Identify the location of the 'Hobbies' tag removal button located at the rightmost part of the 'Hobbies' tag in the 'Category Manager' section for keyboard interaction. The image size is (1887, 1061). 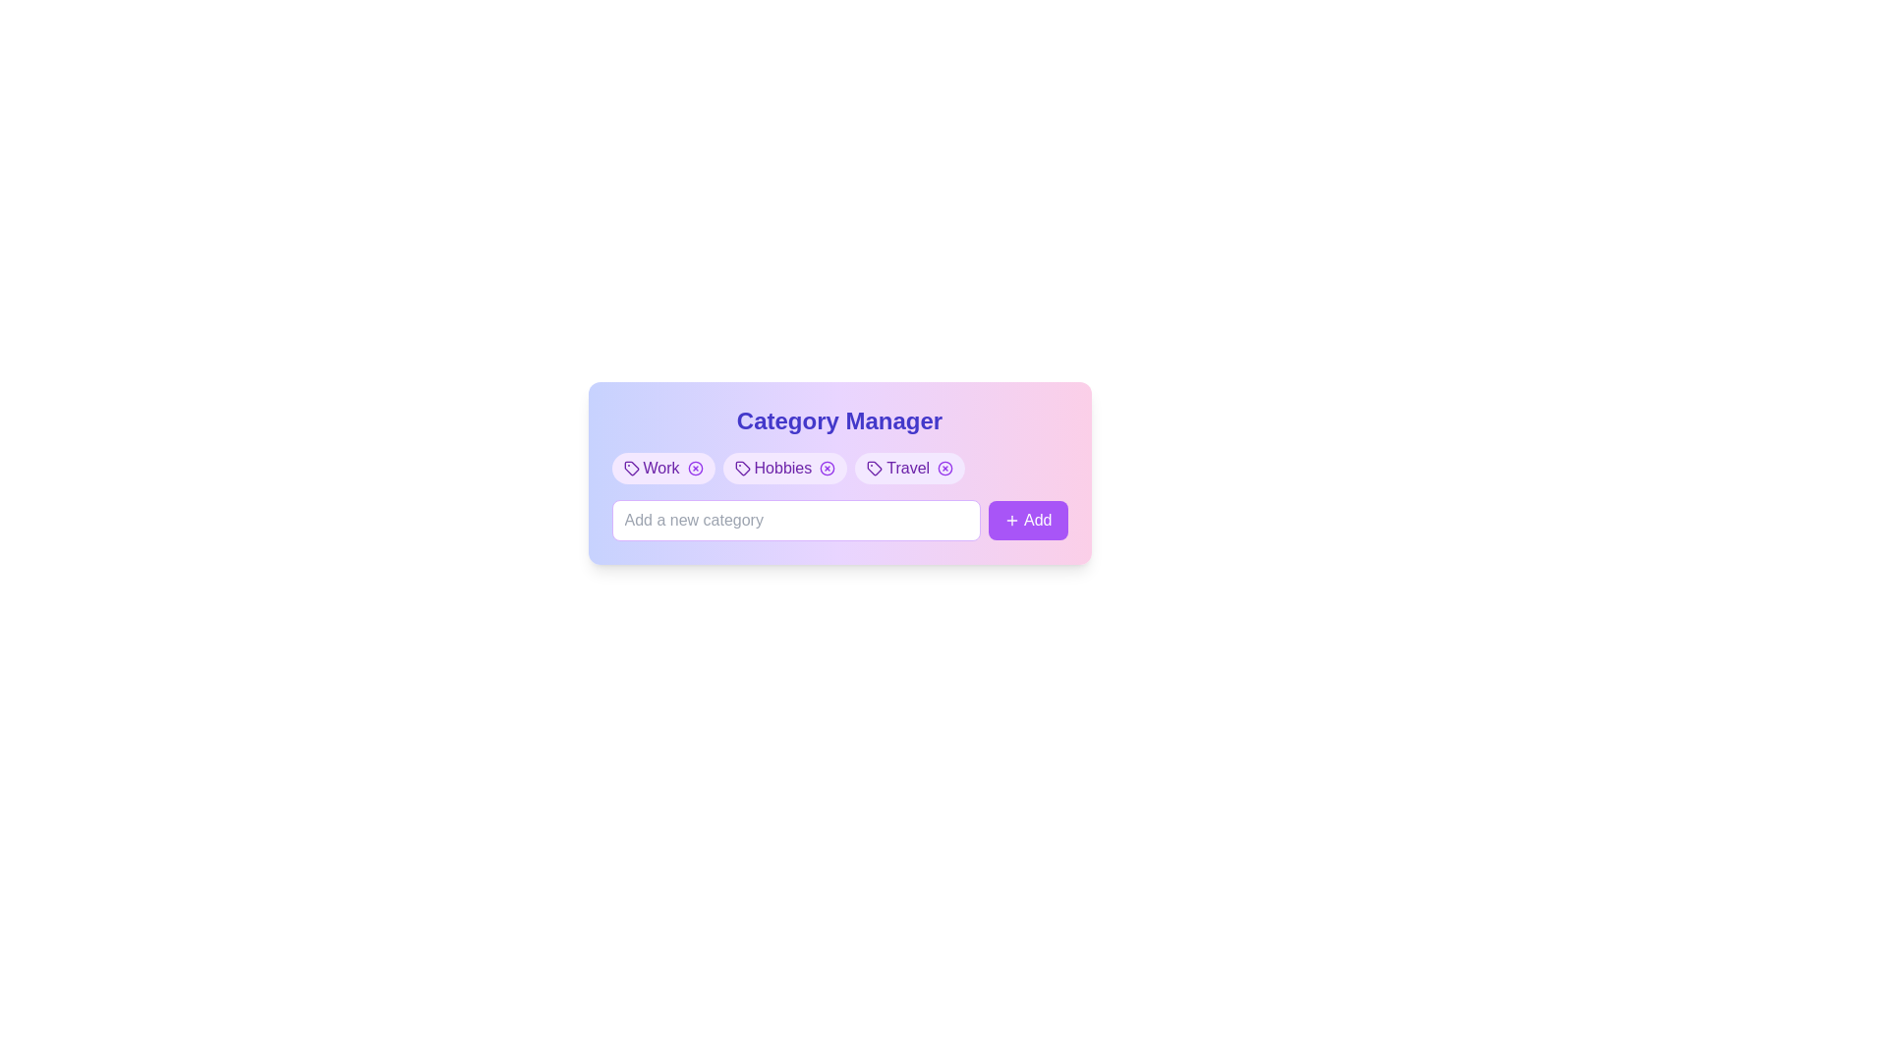
(828, 469).